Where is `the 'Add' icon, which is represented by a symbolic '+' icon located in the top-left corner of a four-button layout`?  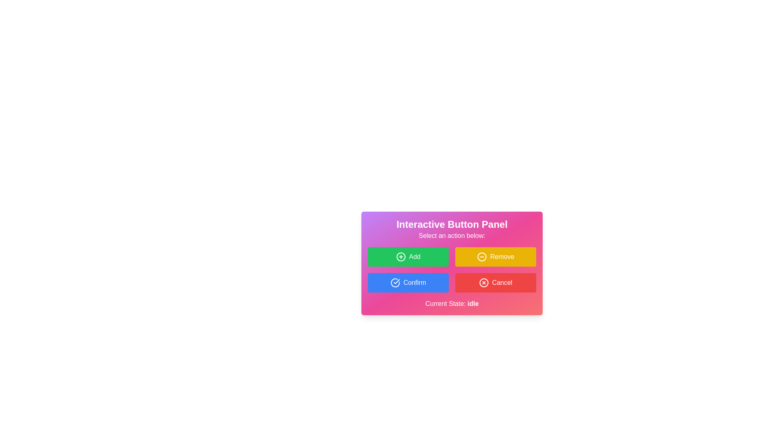
the 'Add' icon, which is represented by a symbolic '+' icon located in the top-left corner of a four-button layout is located at coordinates (401, 257).